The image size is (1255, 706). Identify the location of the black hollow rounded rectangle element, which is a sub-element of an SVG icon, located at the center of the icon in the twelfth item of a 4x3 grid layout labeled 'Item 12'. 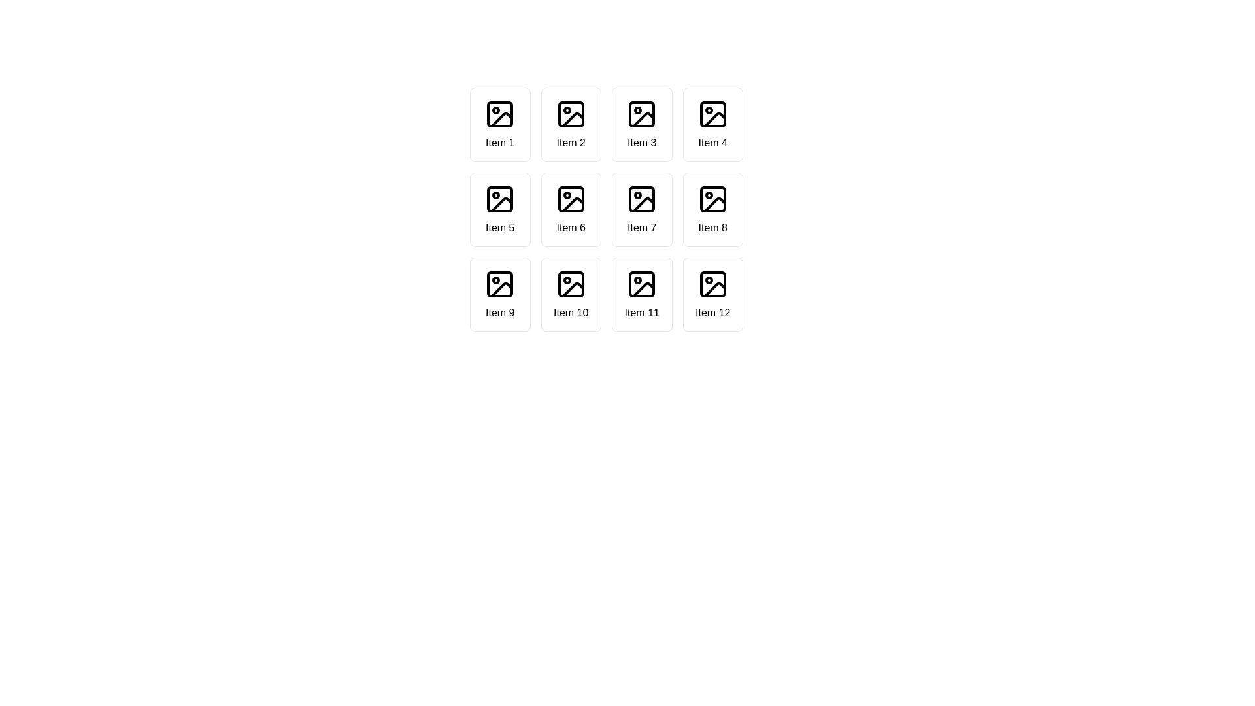
(712, 284).